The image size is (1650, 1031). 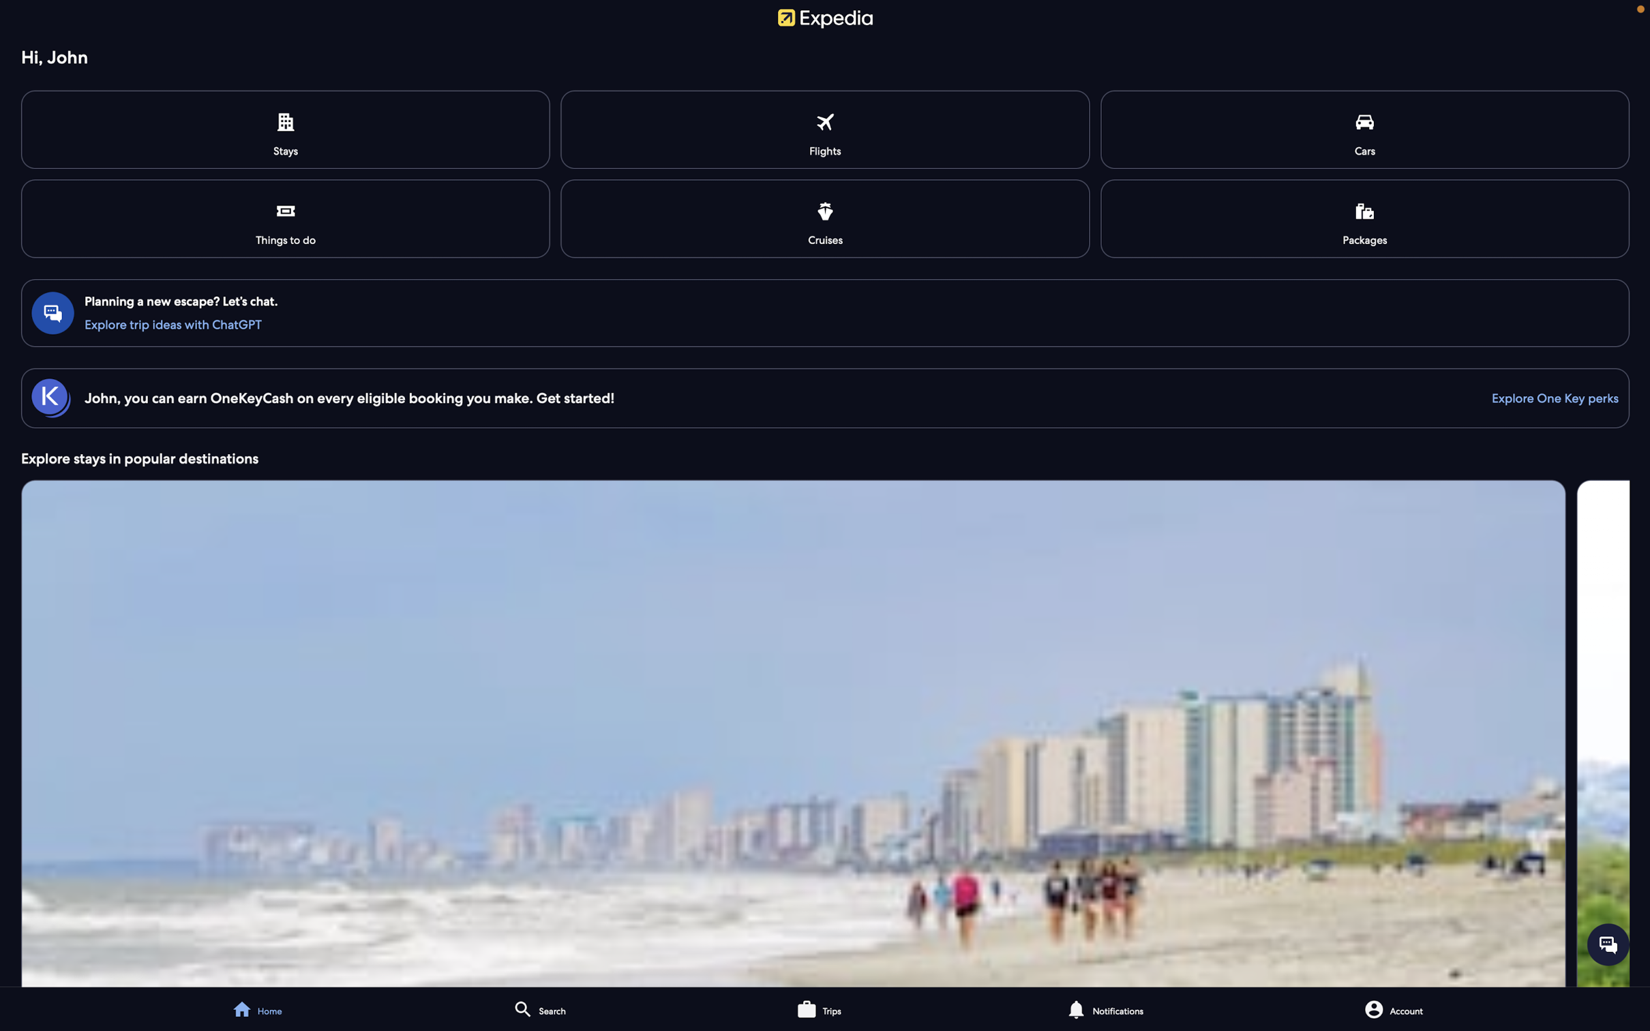 What do you see at coordinates (826, 130) in the screenshot?
I see `Search for a specific flight ABC1234` at bounding box center [826, 130].